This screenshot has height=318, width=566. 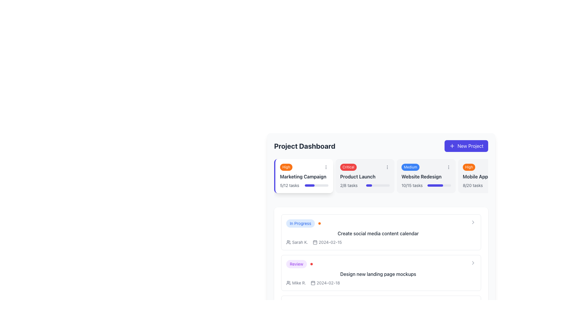 I want to click on the project entry card labeled 'Product Launch', which is the second card in the horizontal list under 'Project Dashboard', so click(x=381, y=178).